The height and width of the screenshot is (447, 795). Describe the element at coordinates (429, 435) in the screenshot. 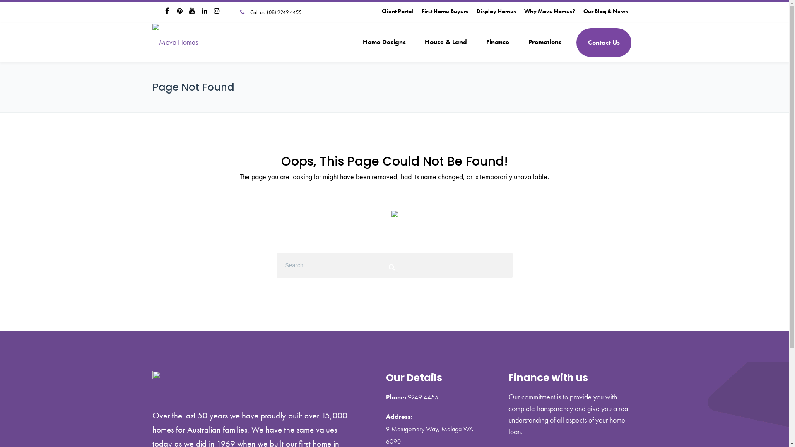

I see `'9 Montgomery Way, Malaga WA` at that location.